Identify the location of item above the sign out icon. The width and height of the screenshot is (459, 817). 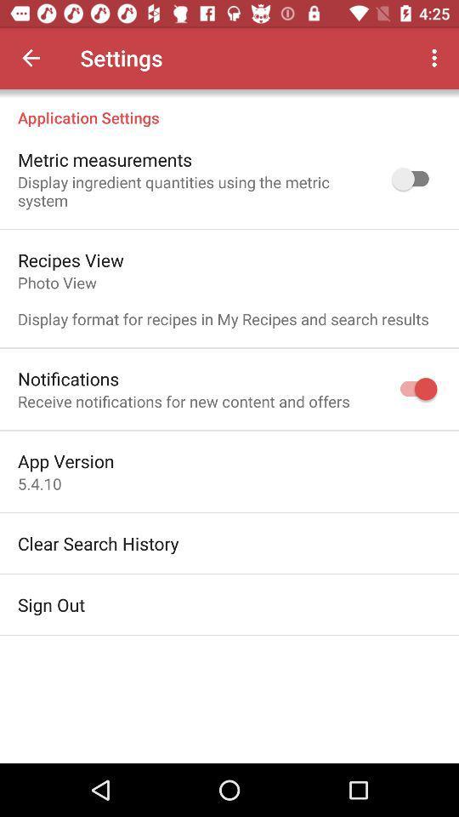
(98, 542).